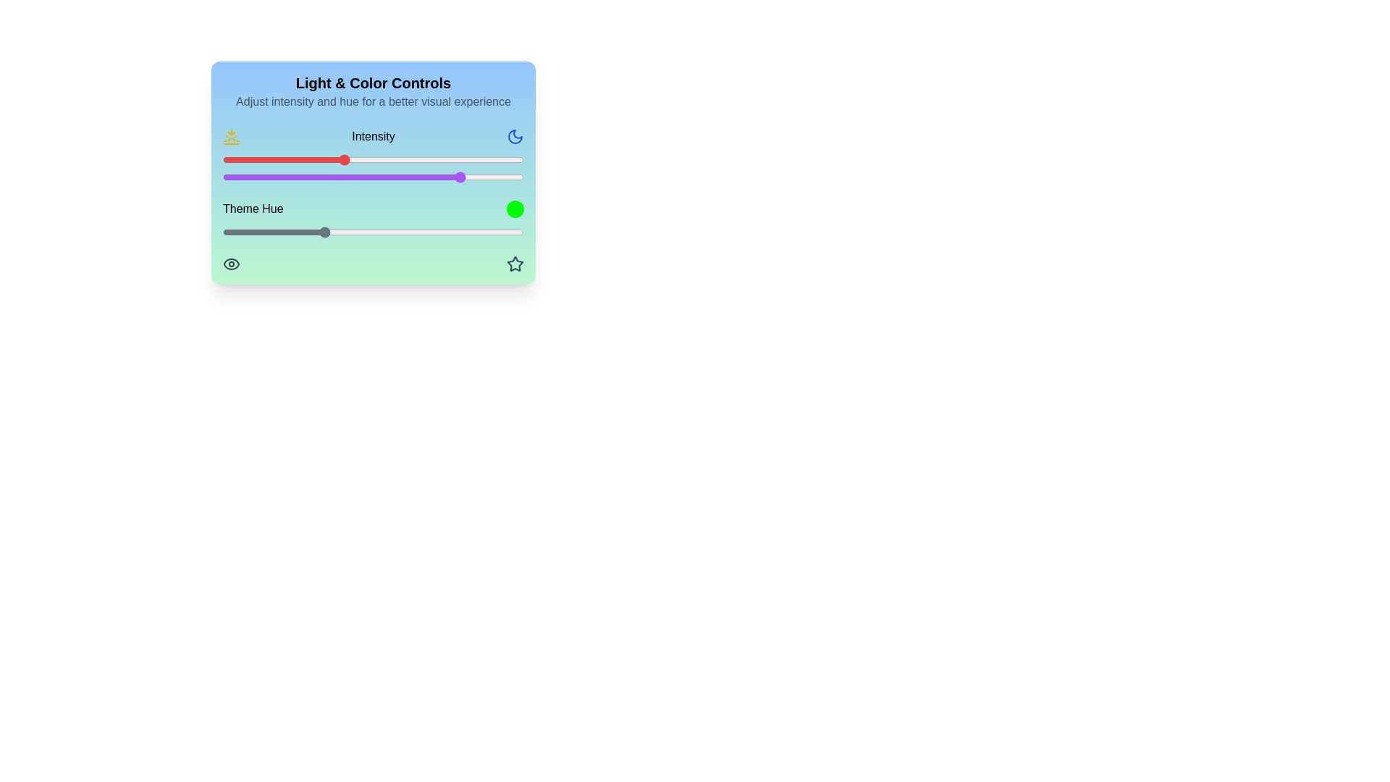 This screenshot has width=1390, height=782. I want to click on the theme hue, so click(484, 231).